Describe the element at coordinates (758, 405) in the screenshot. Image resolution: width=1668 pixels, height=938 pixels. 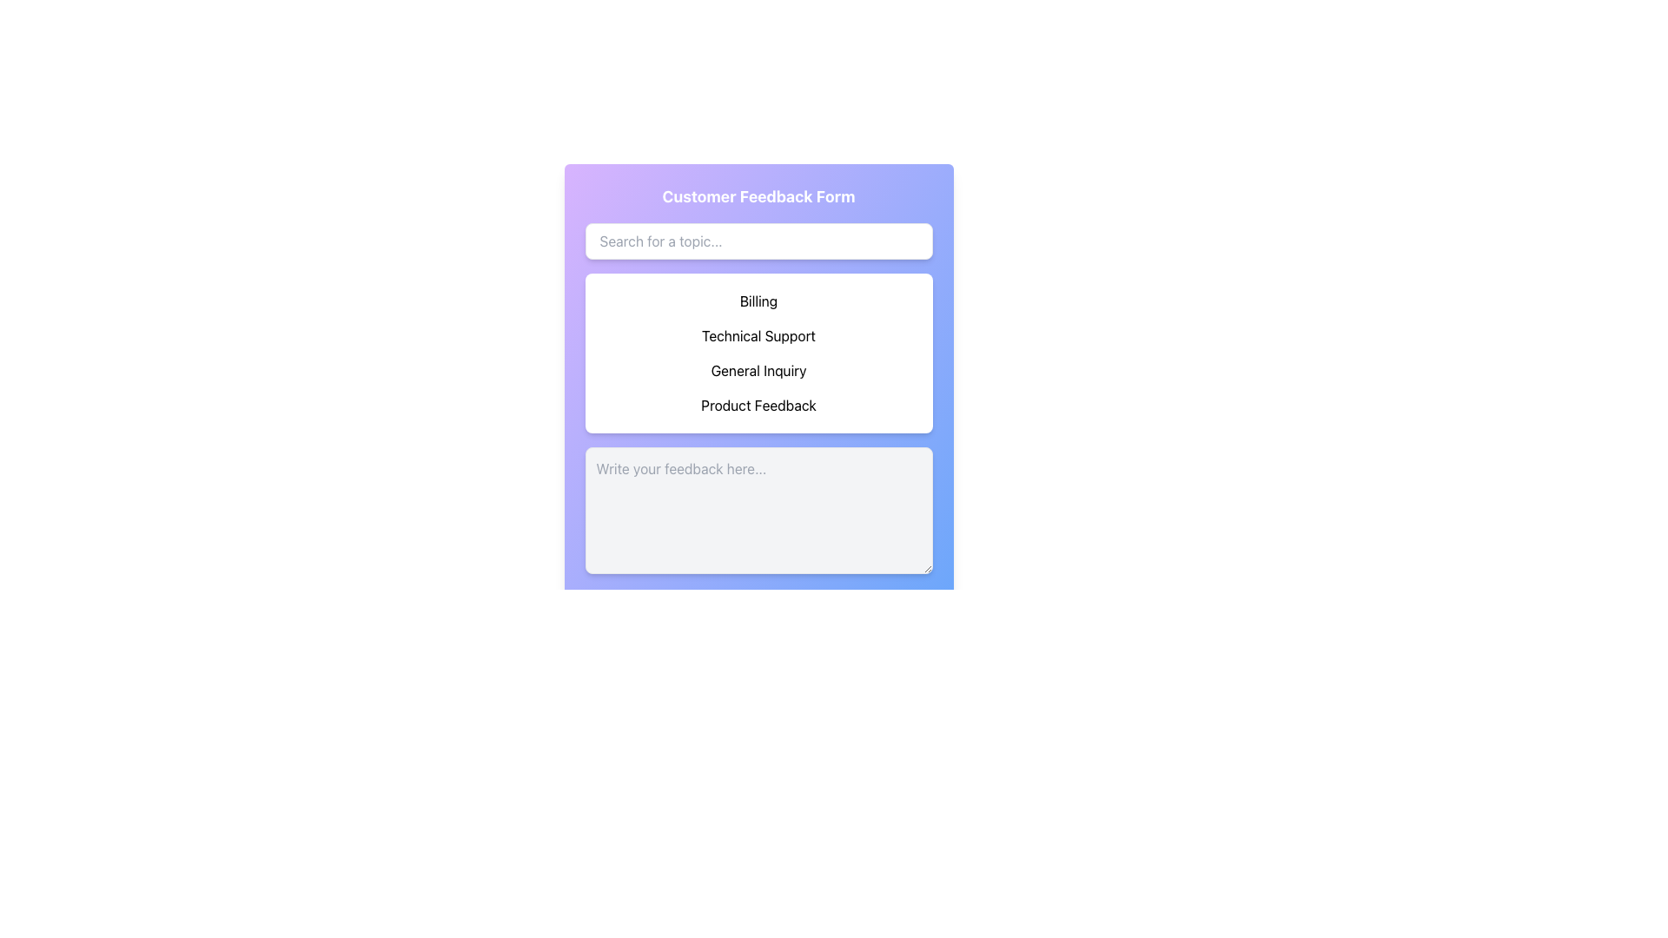
I see `the 'Product Feedback' button, which is the fourth option in the 'Customer Feedback Form' panel` at that location.